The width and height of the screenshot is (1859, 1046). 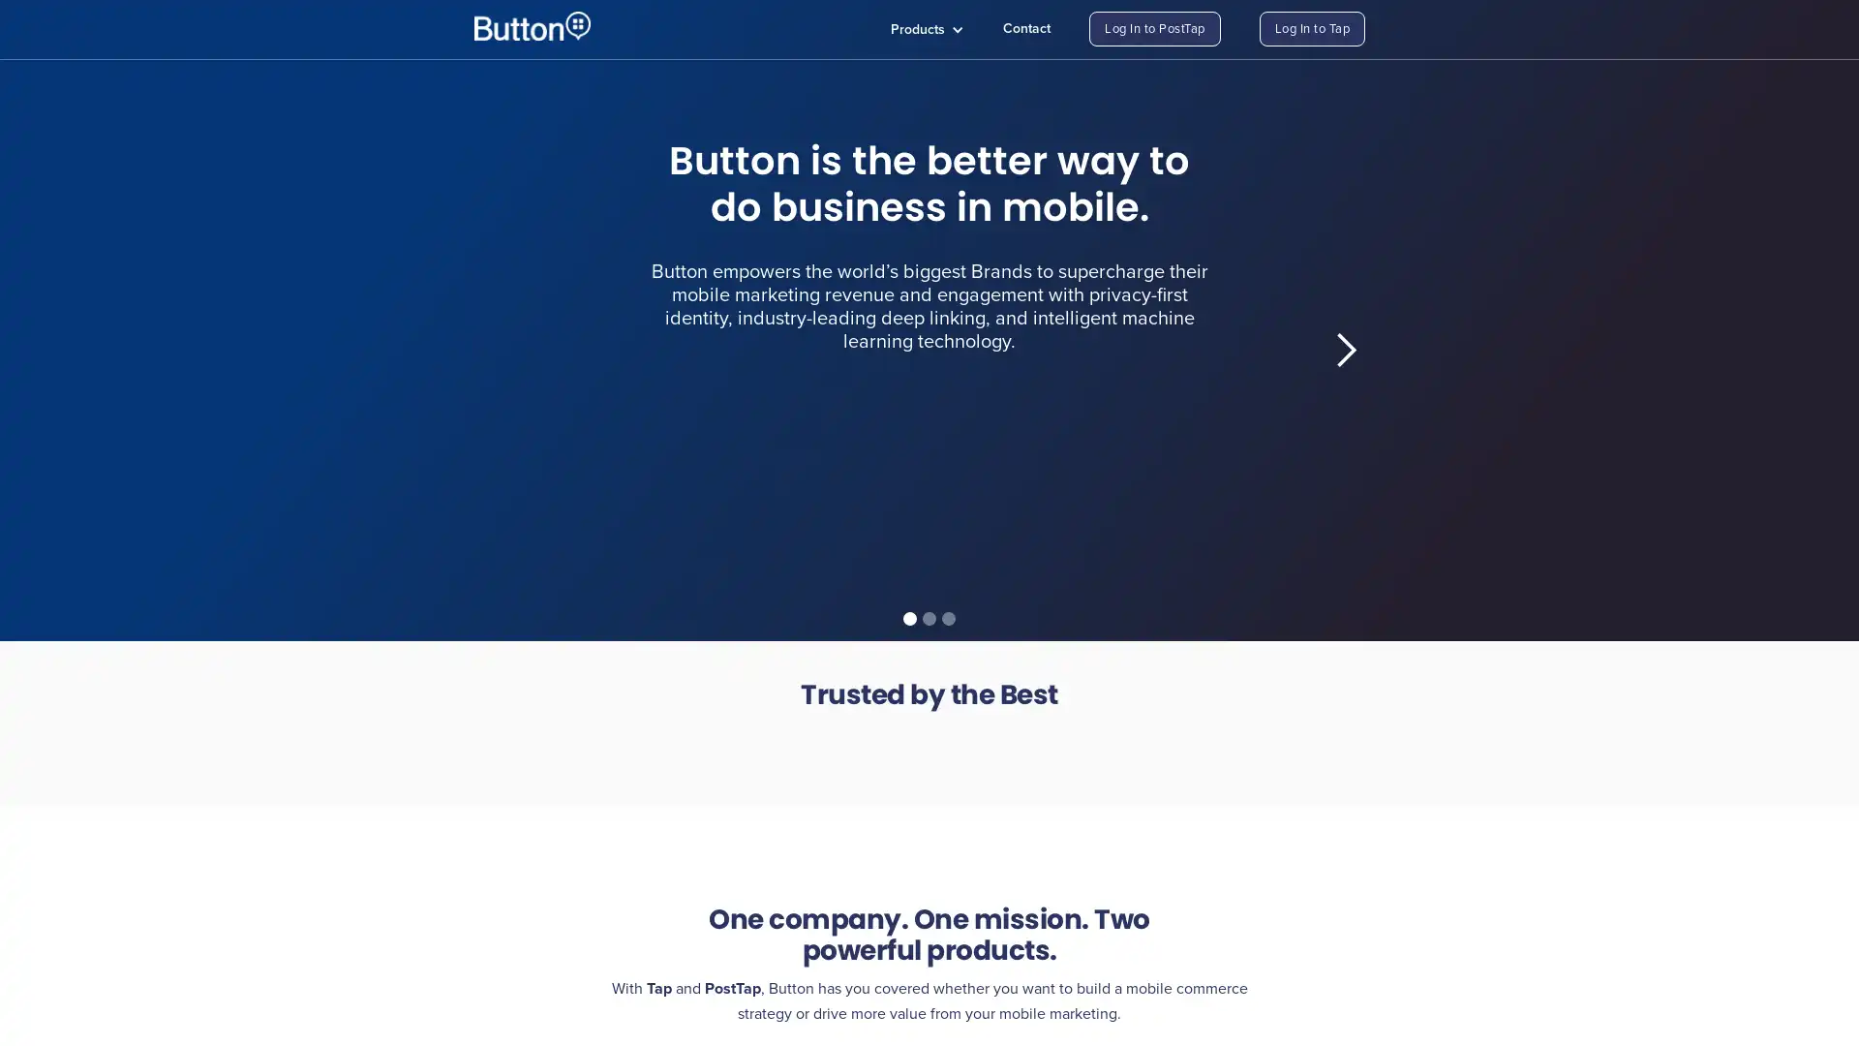 What do you see at coordinates (714, 492) in the screenshot?
I see `Tell me more` at bounding box center [714, 492].